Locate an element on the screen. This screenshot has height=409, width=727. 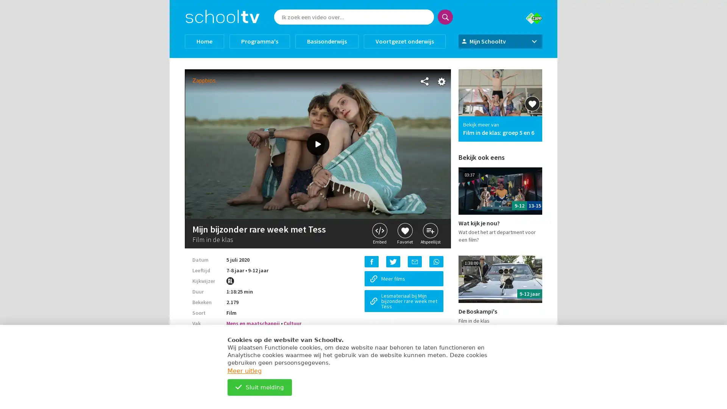
Verwijderen is located at coordinates (363, 132).